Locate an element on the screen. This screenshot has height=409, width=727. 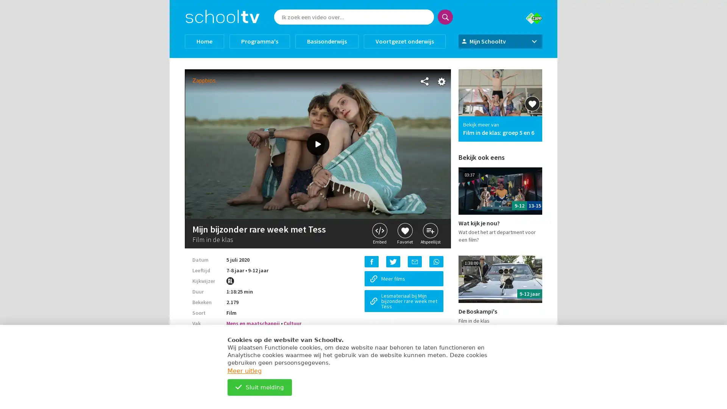
Verwijderen is located at coordinates (363, 132).